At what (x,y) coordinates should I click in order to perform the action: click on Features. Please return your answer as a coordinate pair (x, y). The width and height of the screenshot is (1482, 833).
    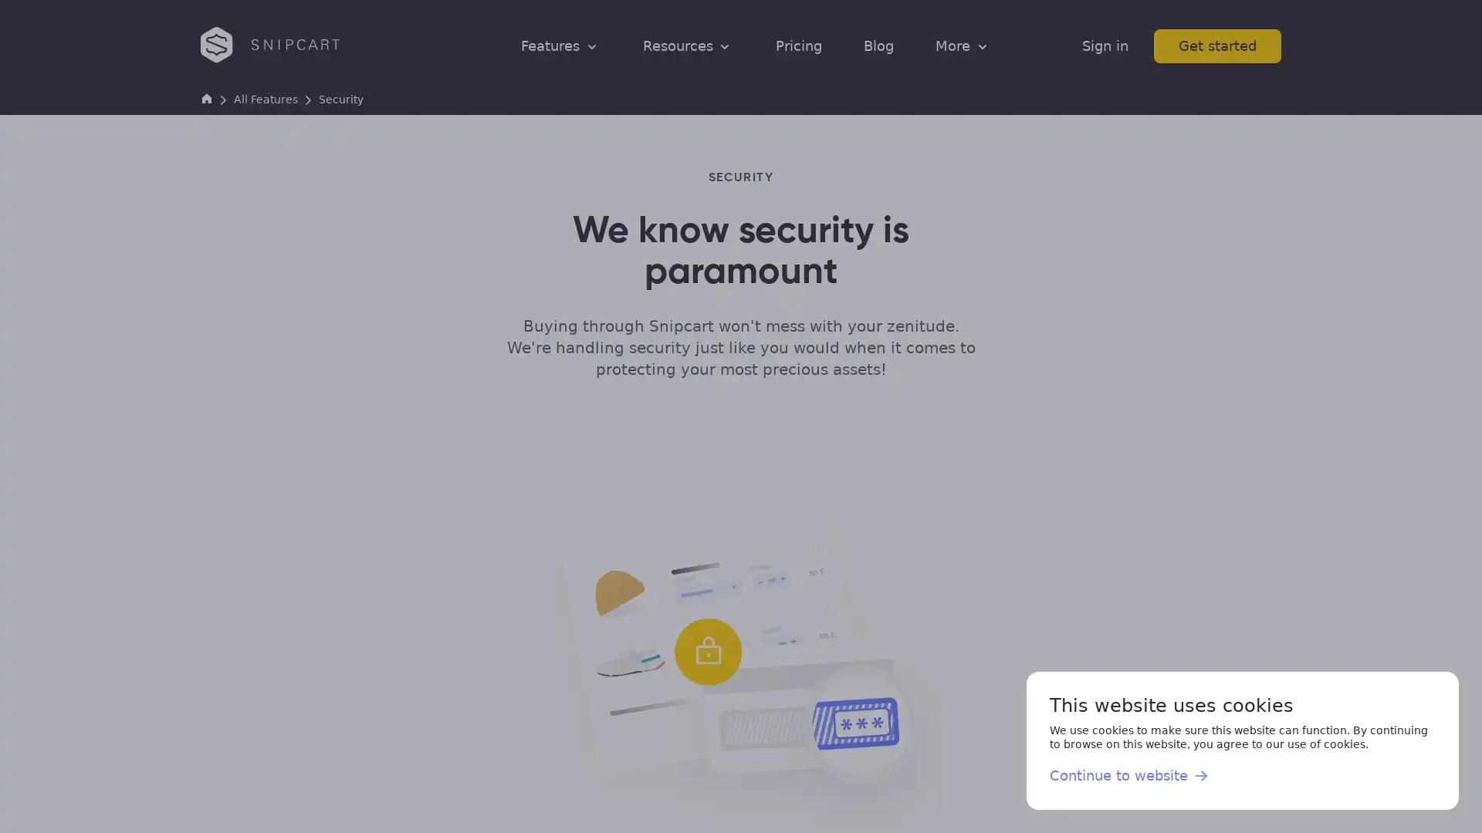
    Looking at the image, I should click on (560, 45).